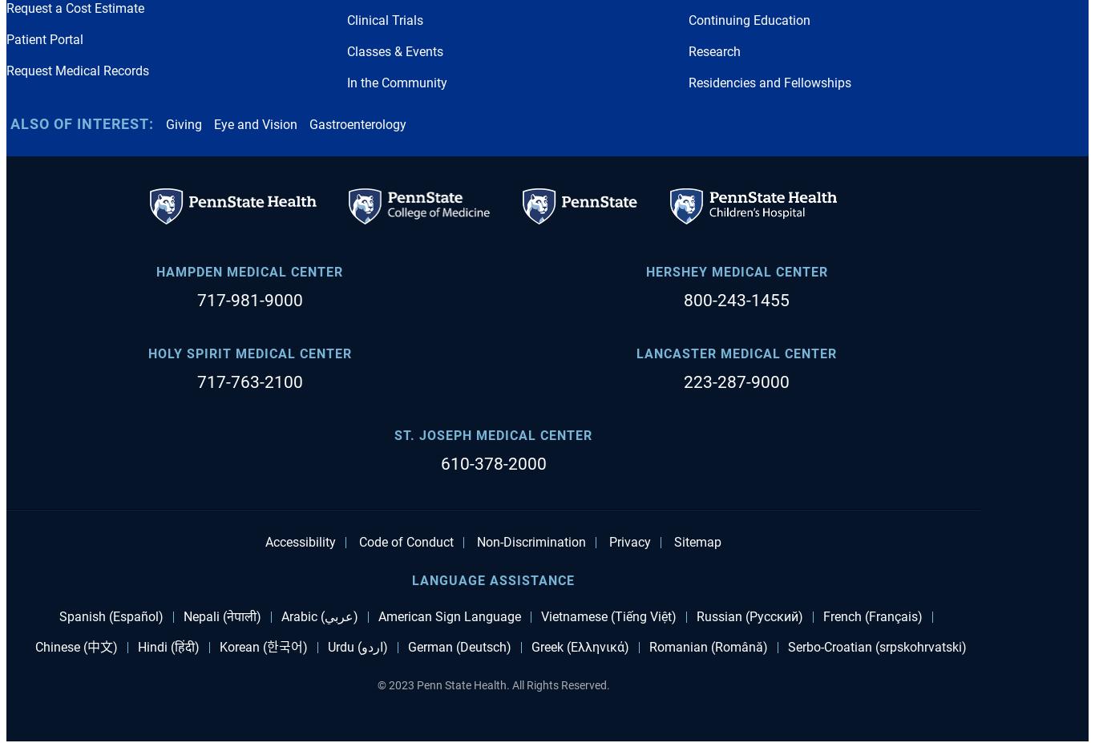 This screenshot has height=743, width=1095. I want to click on 'Vietnamese (Tiếng Việt)', so click(608, 615).